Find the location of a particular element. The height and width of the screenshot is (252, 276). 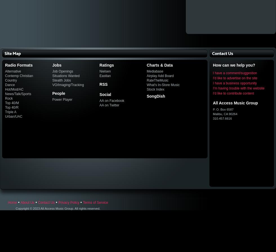

'Eastlan' is located at coordinates (105, 75).